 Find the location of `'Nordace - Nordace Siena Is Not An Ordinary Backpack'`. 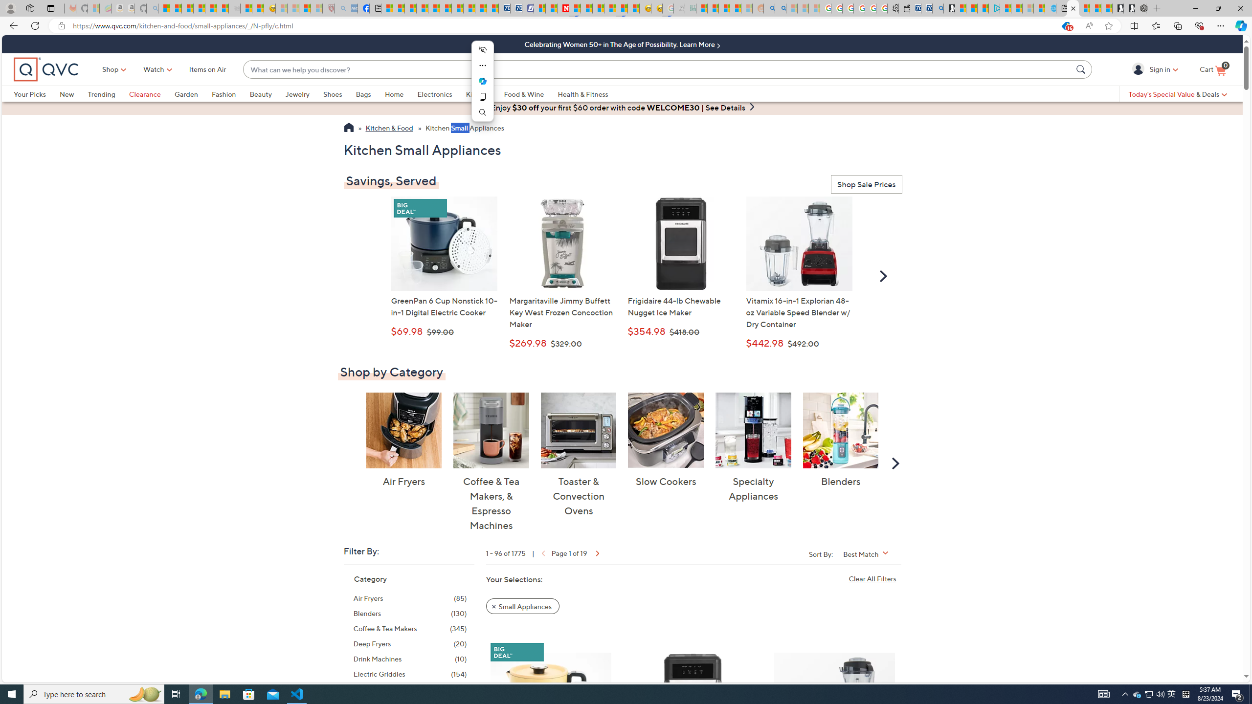

'Nordace - Nordace Siena Is Not An Ordinary Backpack' is located at coordinates (1140, 8).